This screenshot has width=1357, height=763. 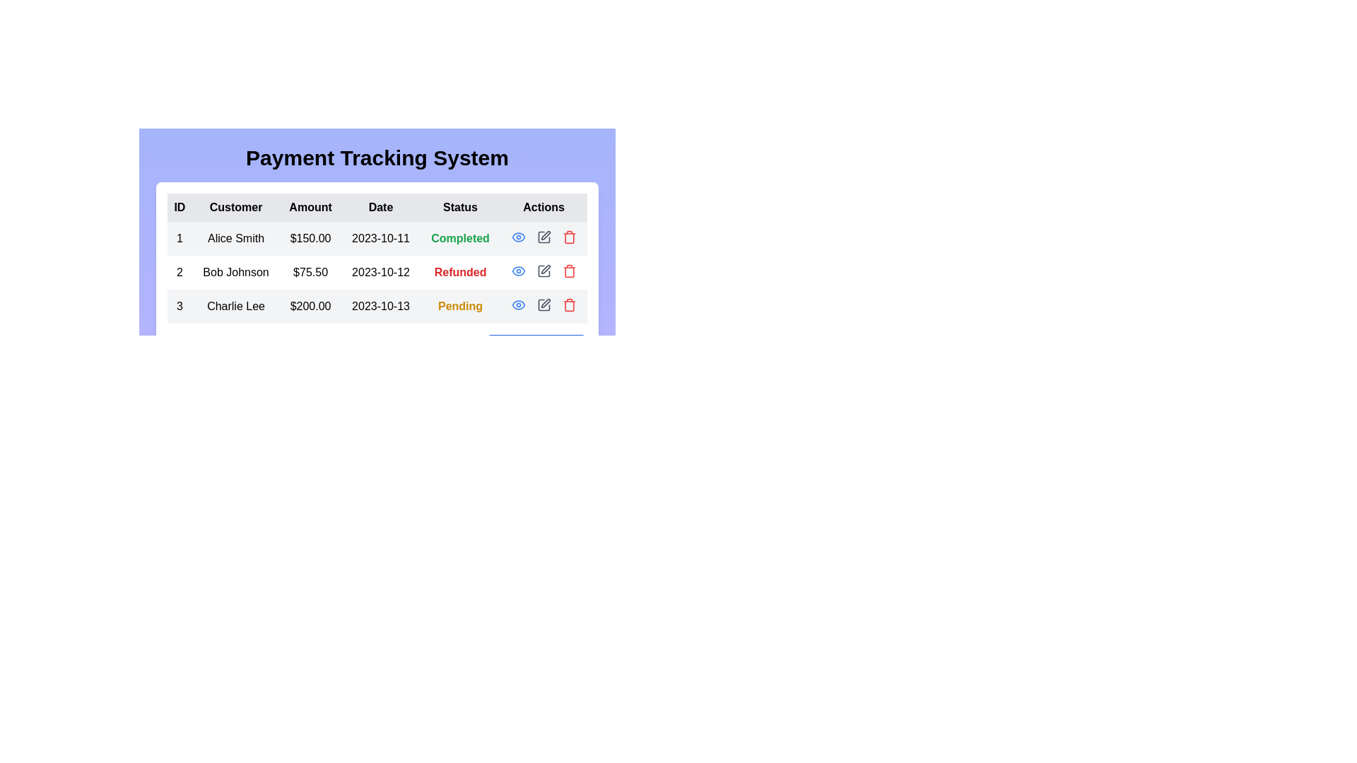 What do you see at coordinates (543, 236) in the screenshot?
I see `the edit icon in the 'Actions' column of the table for Bob Johnson` at bounding box center [543, 236].